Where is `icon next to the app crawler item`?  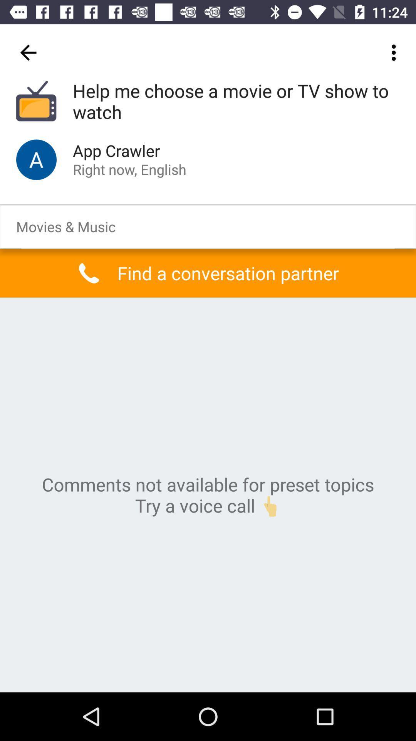 icon next to the app crawler item is located at coordinates (36, 159).